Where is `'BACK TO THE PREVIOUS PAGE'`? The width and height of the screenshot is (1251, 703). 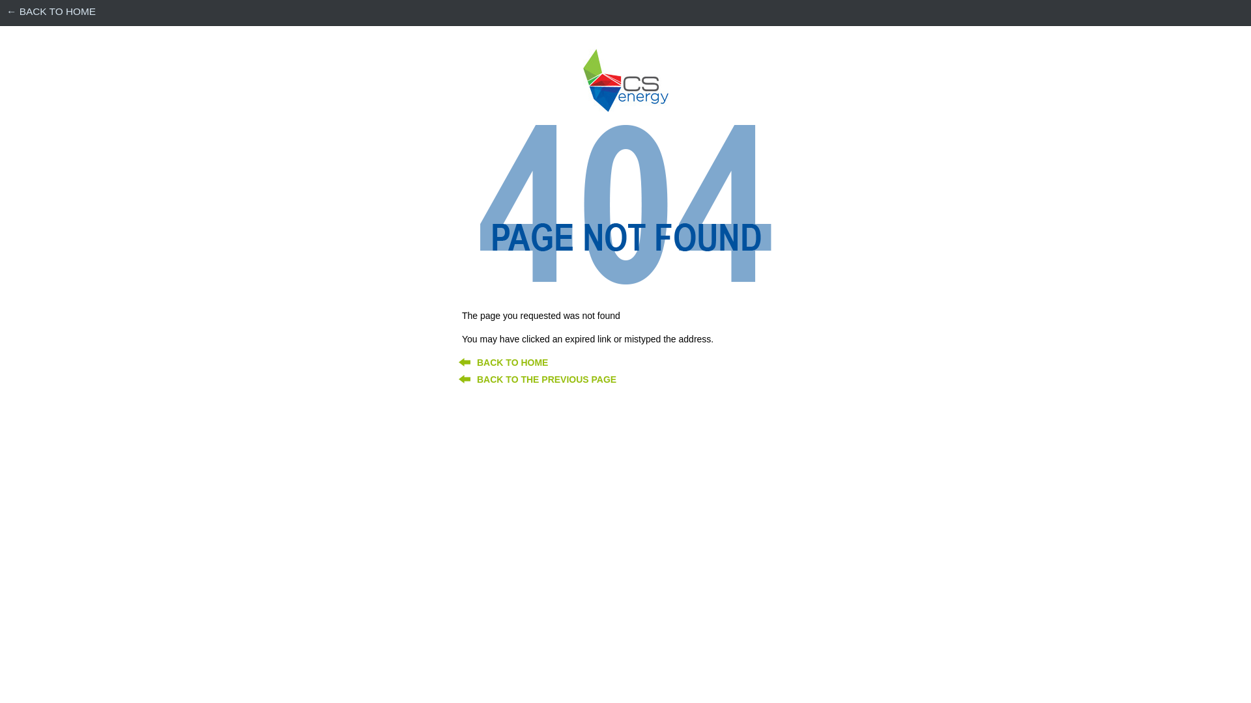 'BACK TO THE PREVIOUS PAGE' is located at coordinates (547, 379).